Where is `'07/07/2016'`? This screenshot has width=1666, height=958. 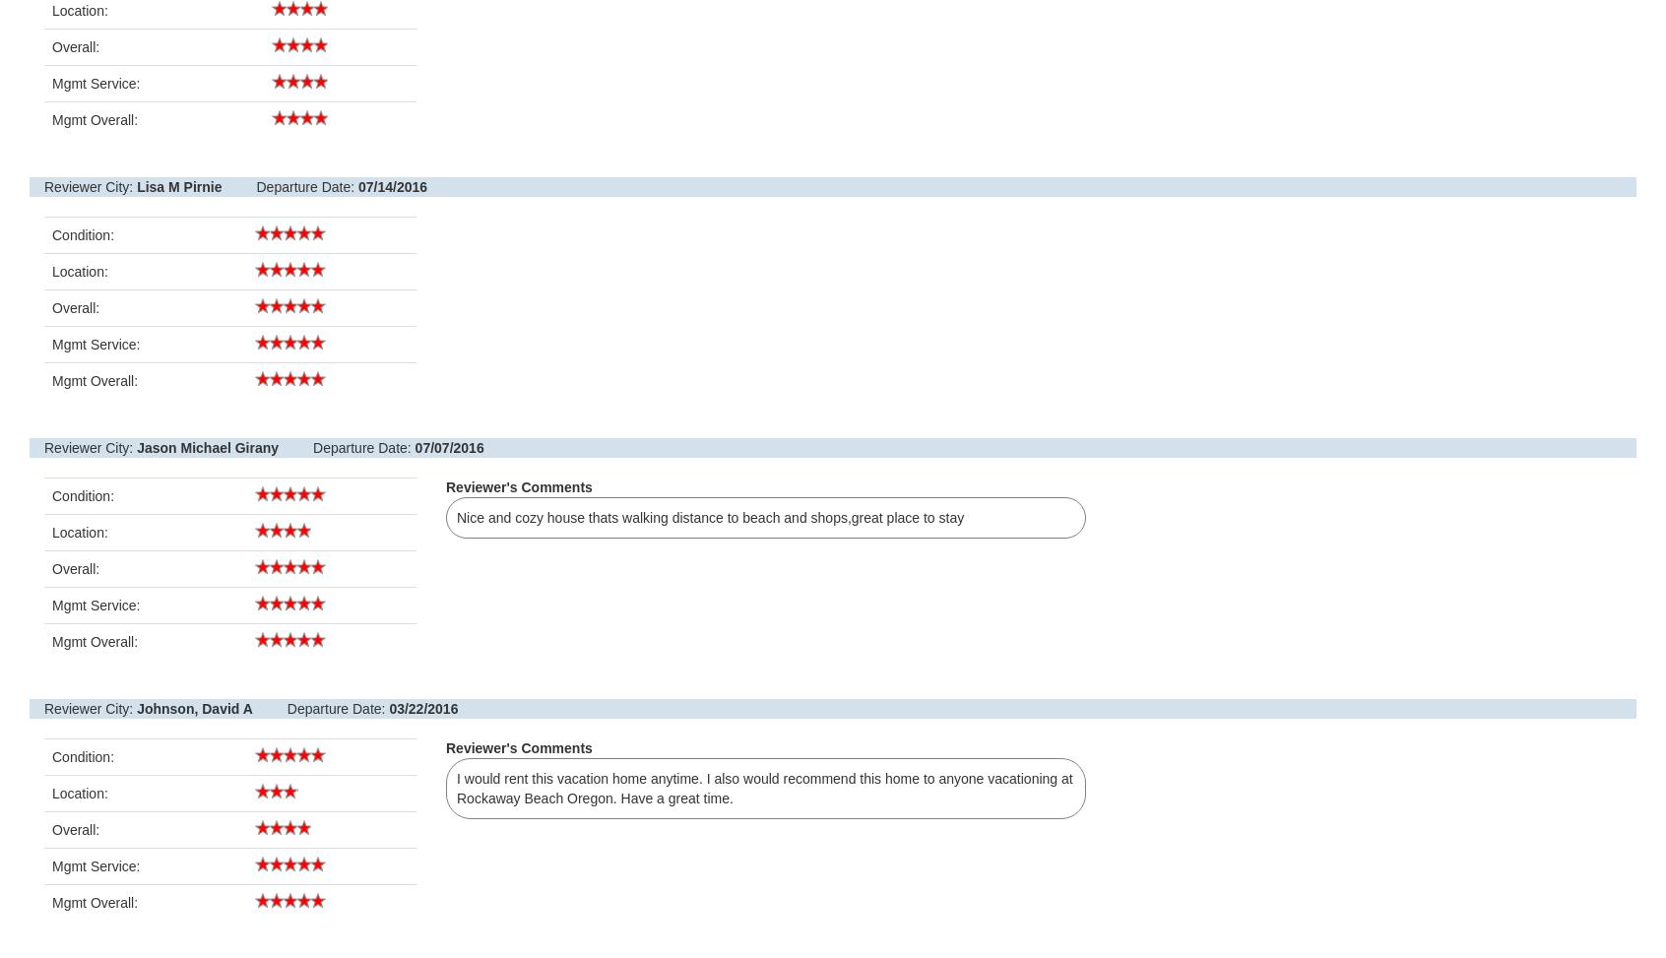
'07/07/2016' is located at coordinates (447, 447).